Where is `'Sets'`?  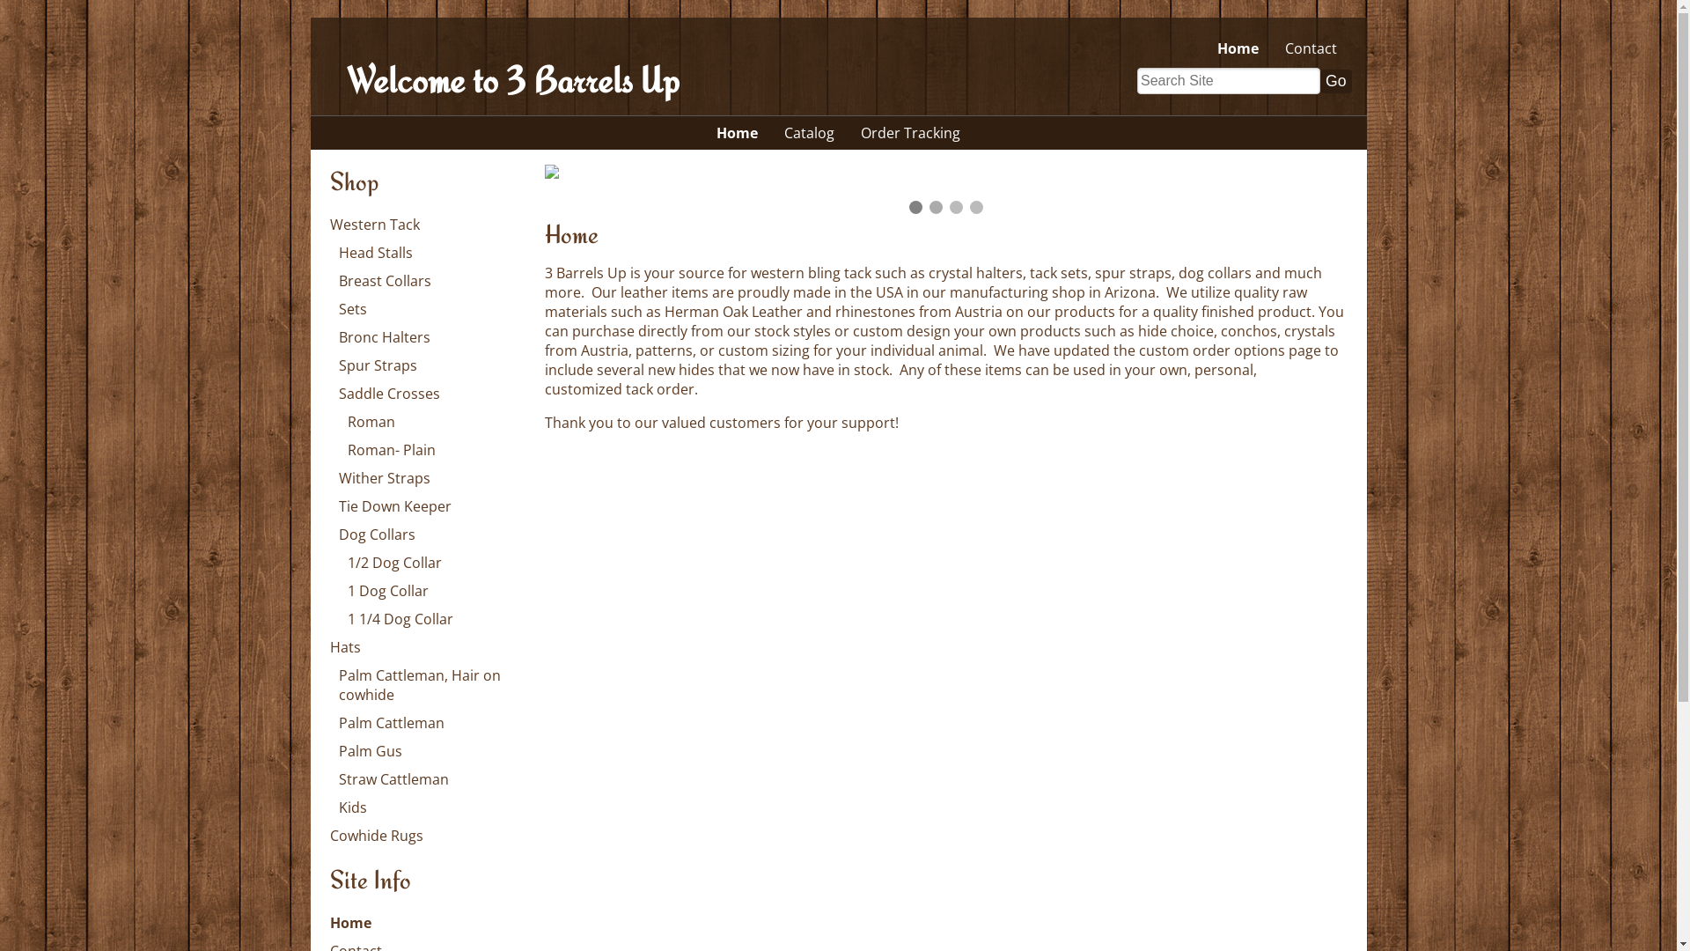
'Sets' is located at coordinates (351, 308).